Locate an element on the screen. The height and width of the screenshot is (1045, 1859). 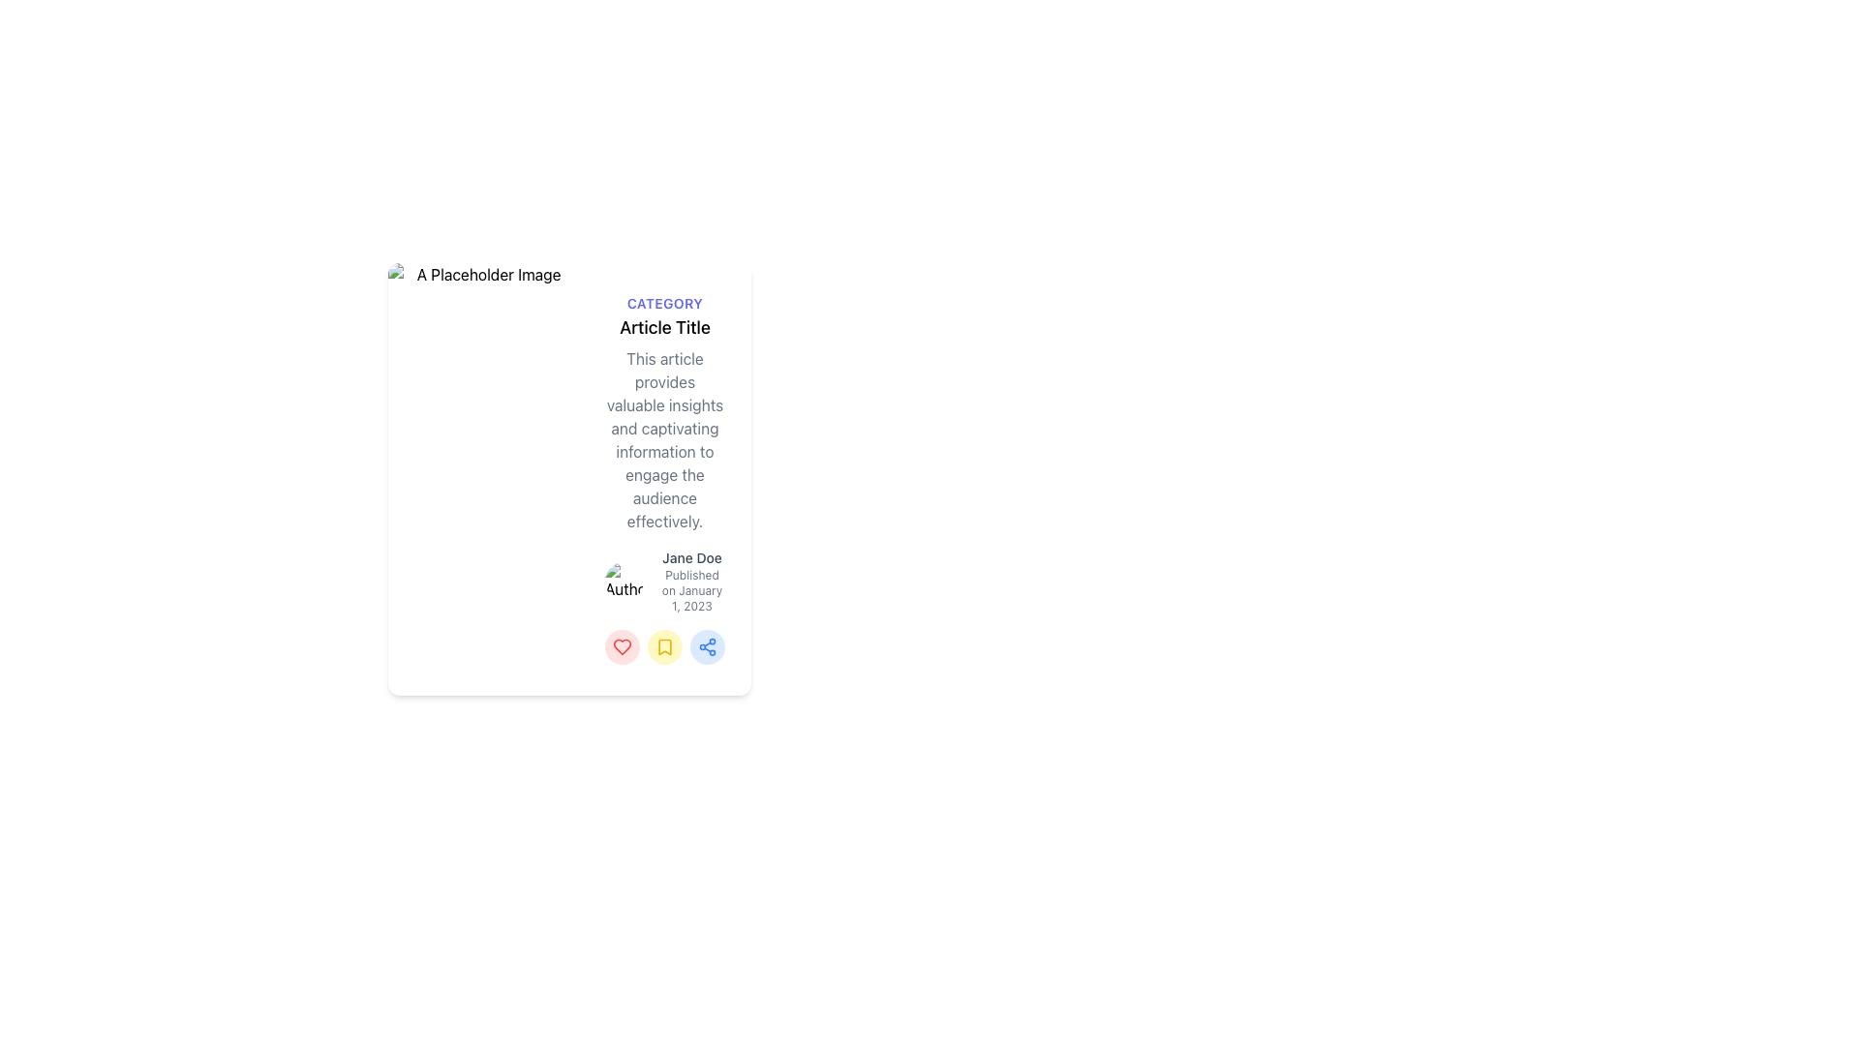
the 'Like' button located at the bottom of the article card, which is the first button in a row of three buttons is located at coordinates (623, 646).